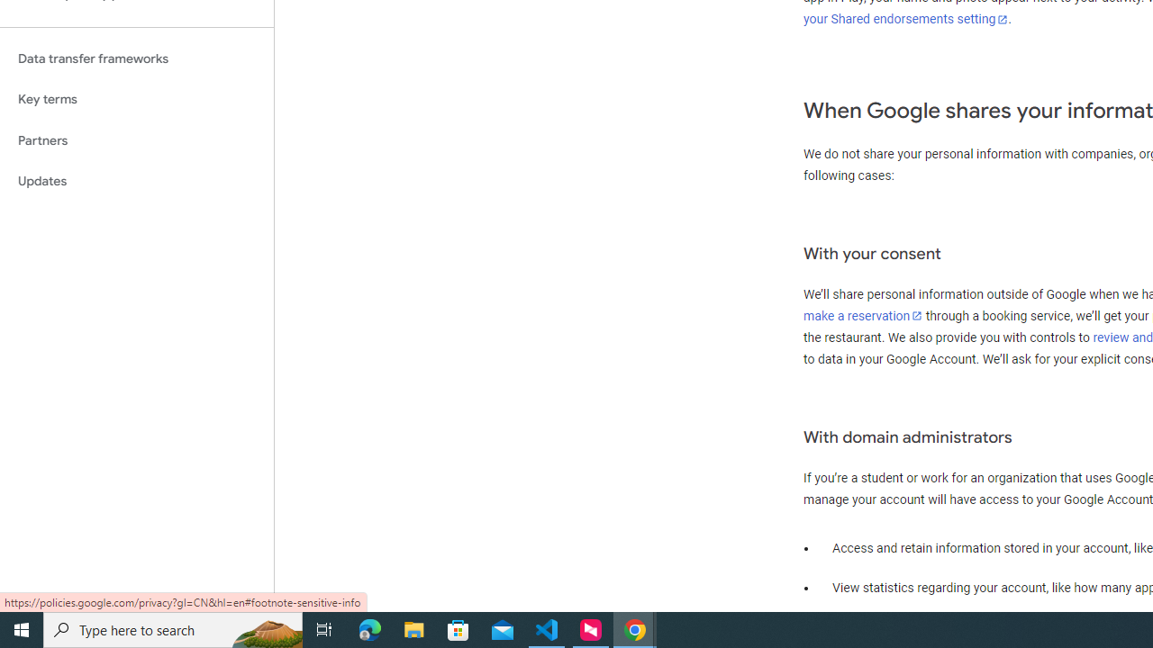  What do you see at coordinates (136, 181) in the screenshot?
I see `'Updates'` at bounding box center [136, 181].